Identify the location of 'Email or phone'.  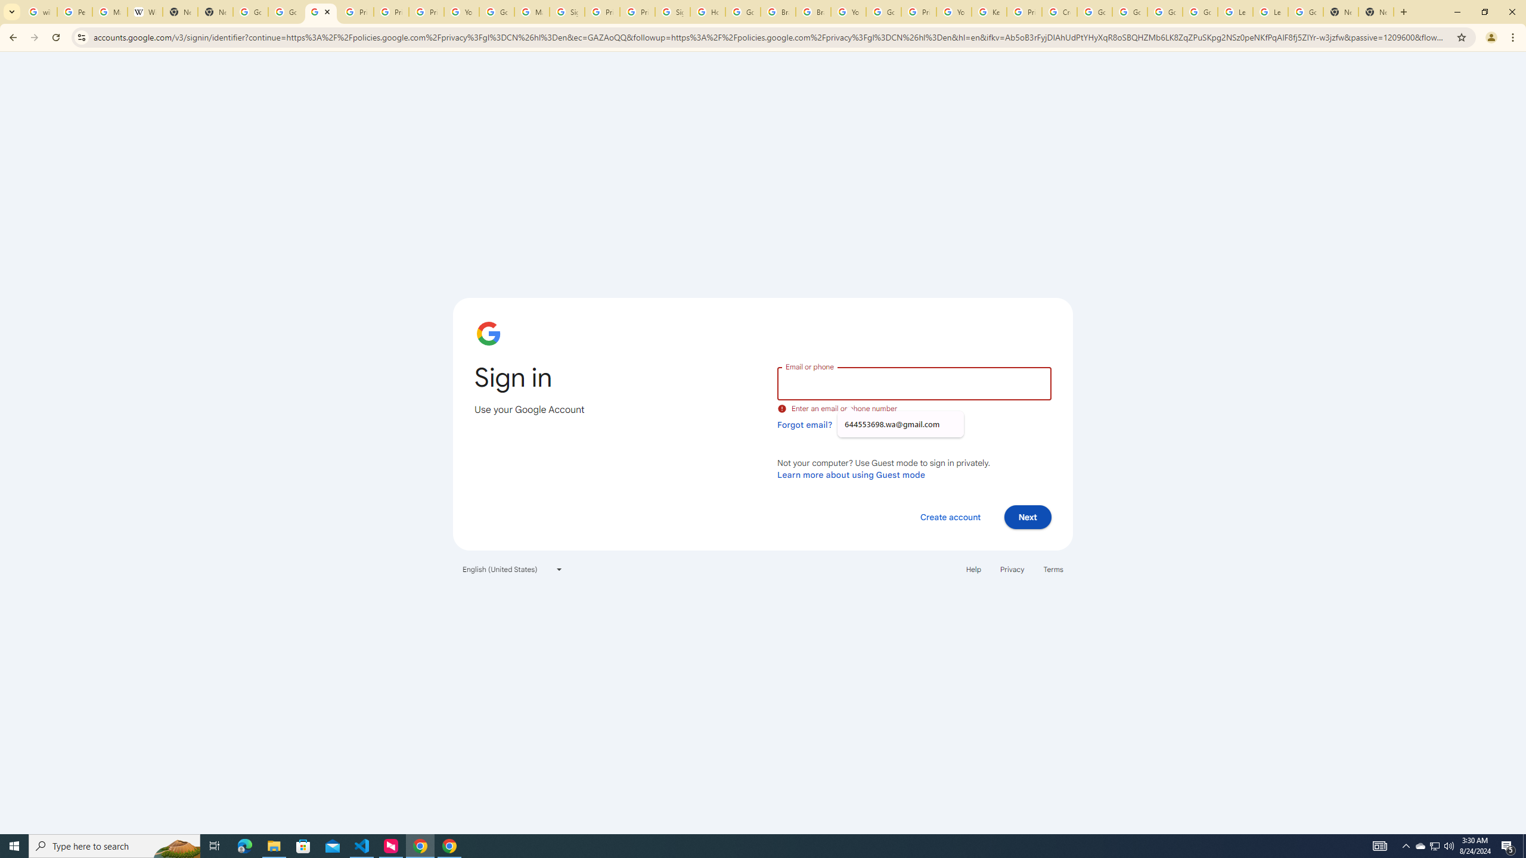
(913, 383).